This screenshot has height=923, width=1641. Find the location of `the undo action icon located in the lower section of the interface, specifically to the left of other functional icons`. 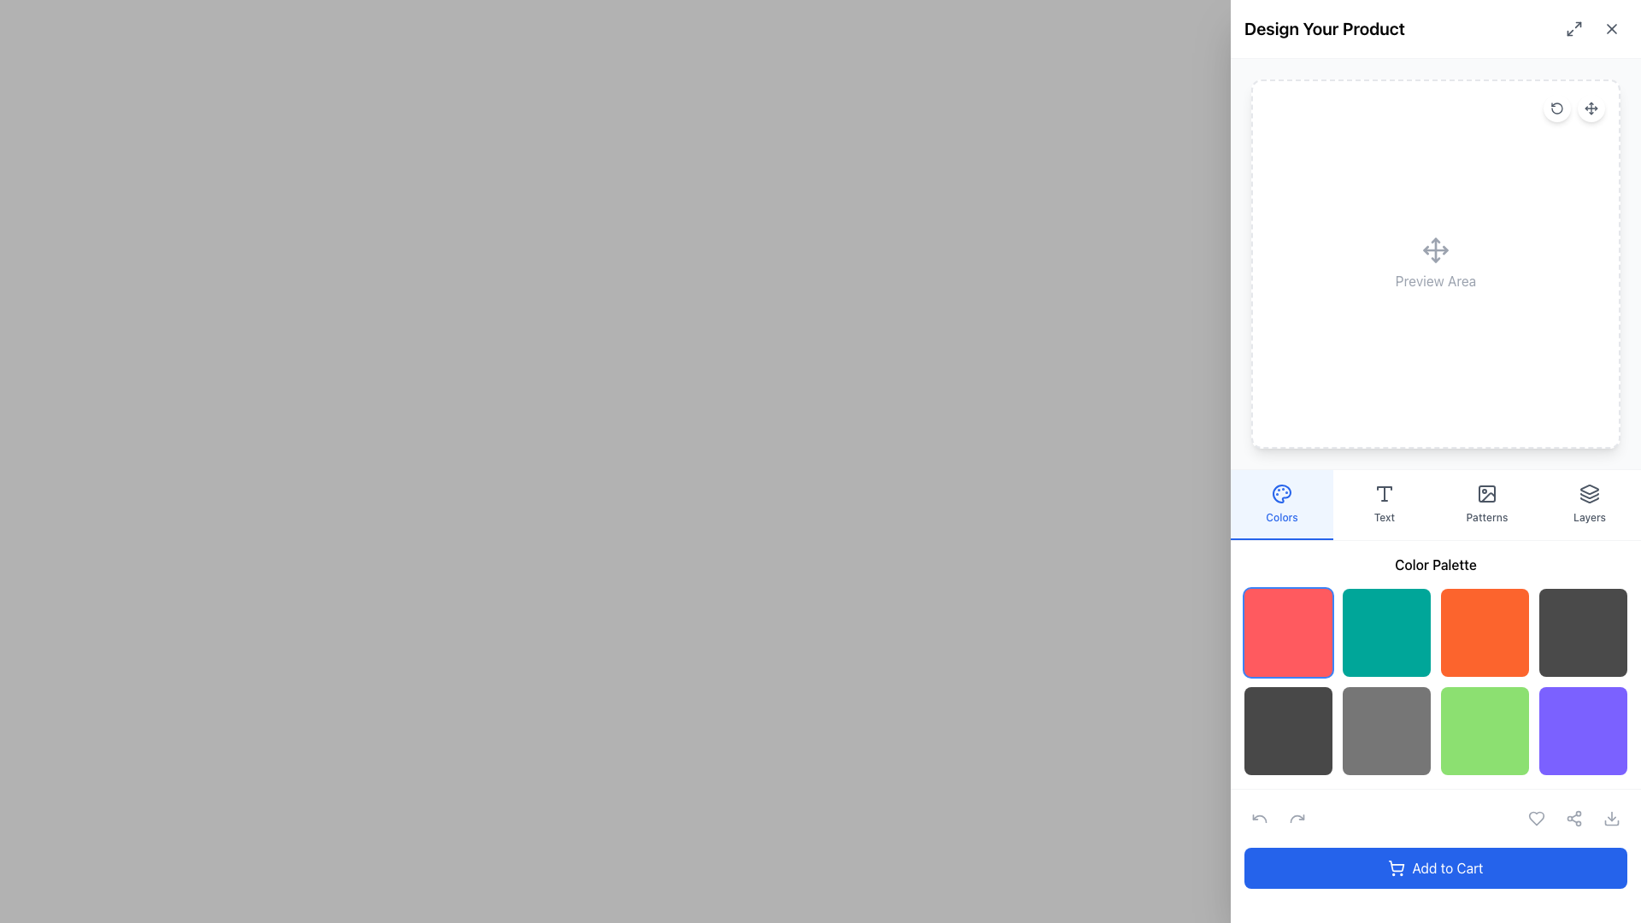

the undo action icon located in the lower section of the interface, specifically to the left of other functional icons is located at coordinates (1259, 817).